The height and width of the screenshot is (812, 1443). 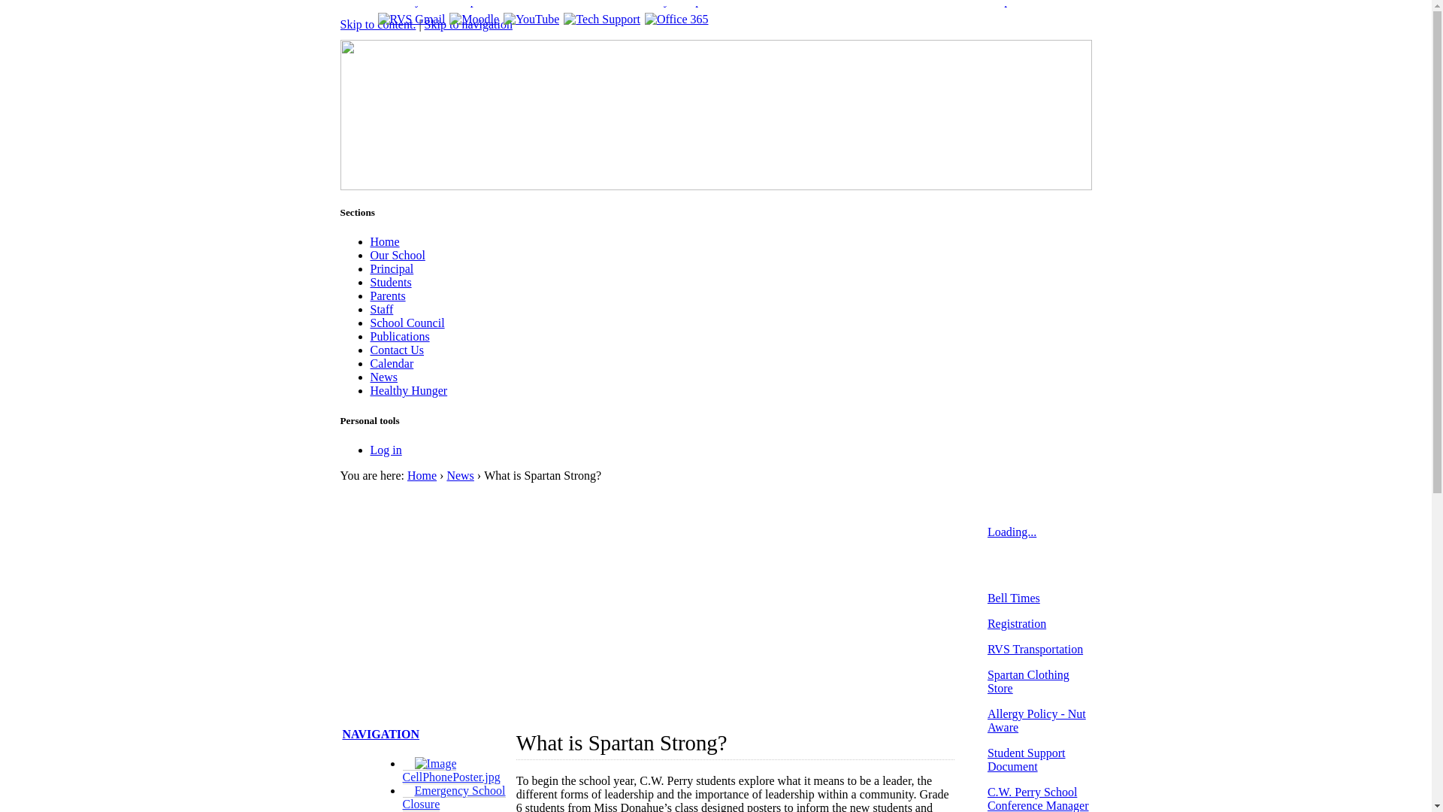 I want to click on 'Log in', so click(x=369, y=449).